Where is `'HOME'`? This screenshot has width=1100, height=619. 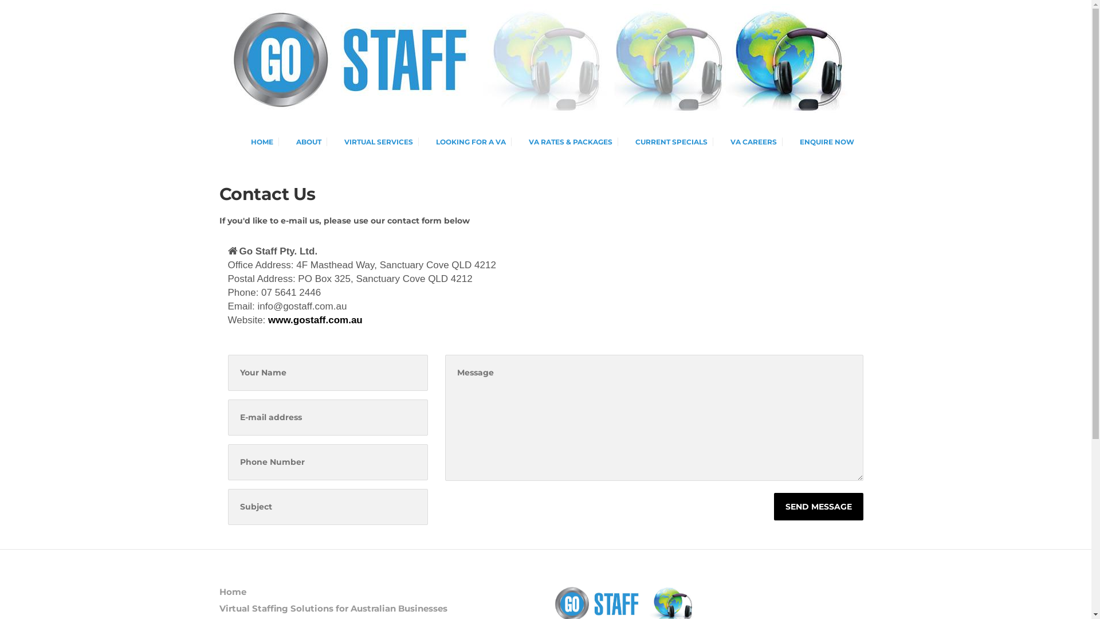
'HOME' is located at coordinates (233, 141).